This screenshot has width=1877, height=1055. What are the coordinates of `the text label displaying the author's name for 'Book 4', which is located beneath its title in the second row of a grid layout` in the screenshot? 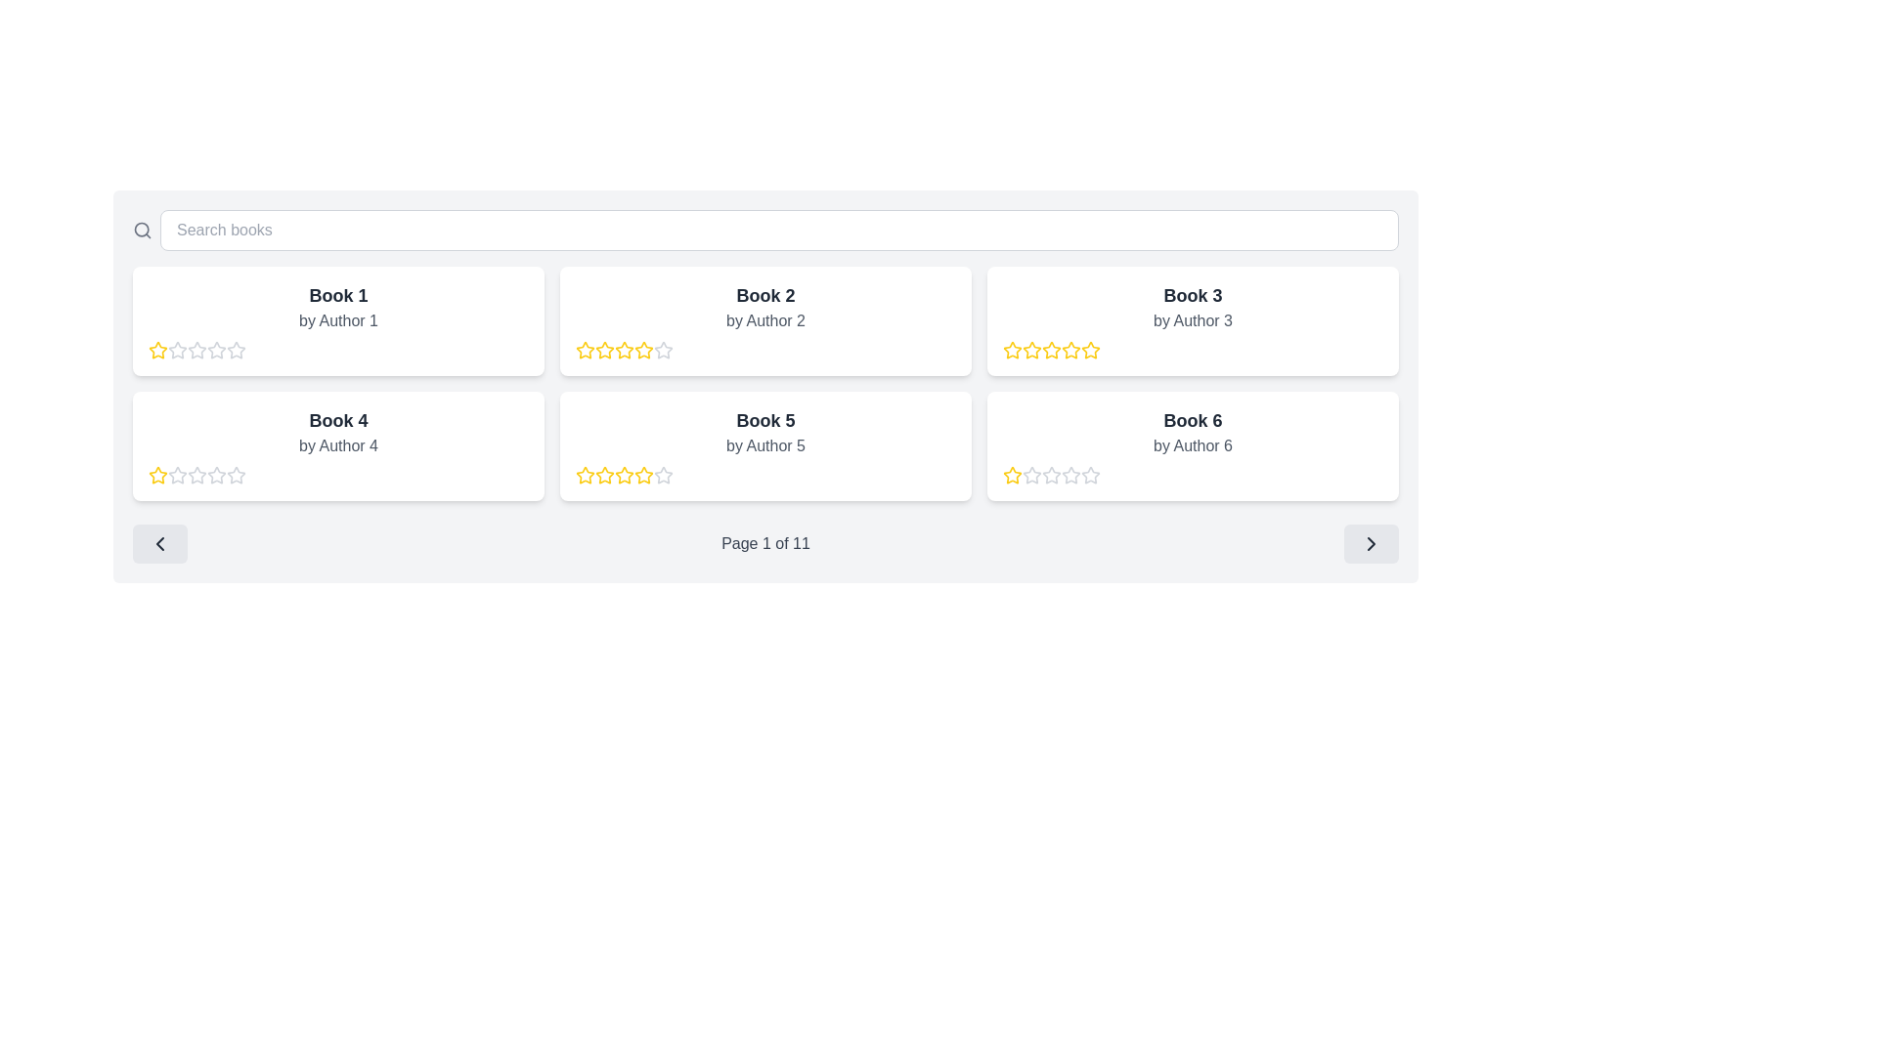 It's located at (338, 445).